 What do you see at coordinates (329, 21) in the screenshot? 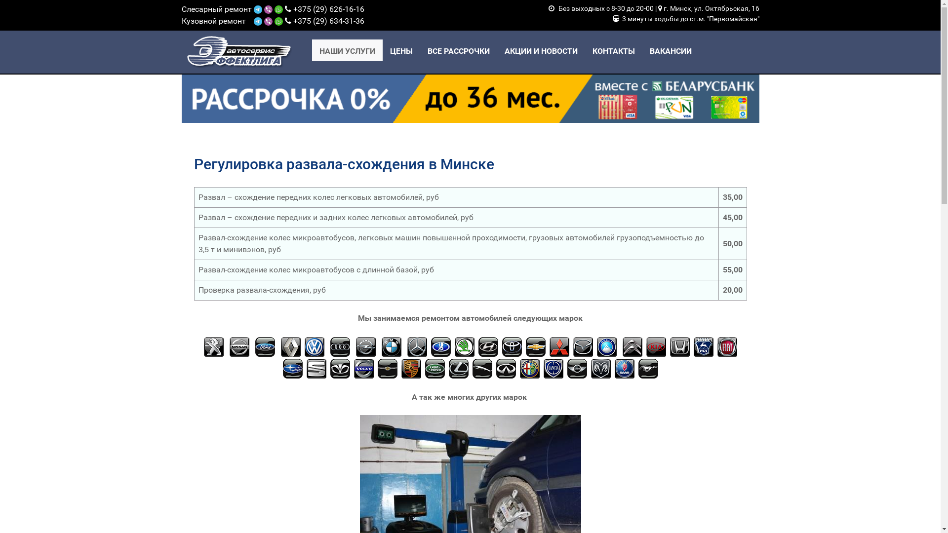
I see `'+375 (29) 634-31-36'` at bounding box center [329, 21].